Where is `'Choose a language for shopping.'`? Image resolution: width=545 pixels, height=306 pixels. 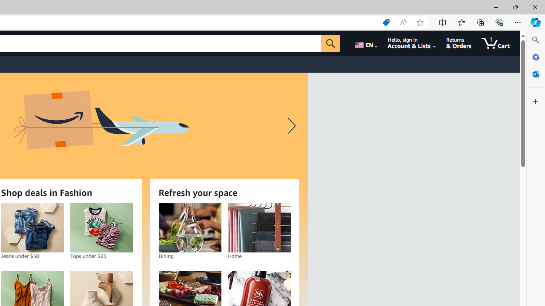
'Choose a language for shopping.' is located at coordinates (365, 43).